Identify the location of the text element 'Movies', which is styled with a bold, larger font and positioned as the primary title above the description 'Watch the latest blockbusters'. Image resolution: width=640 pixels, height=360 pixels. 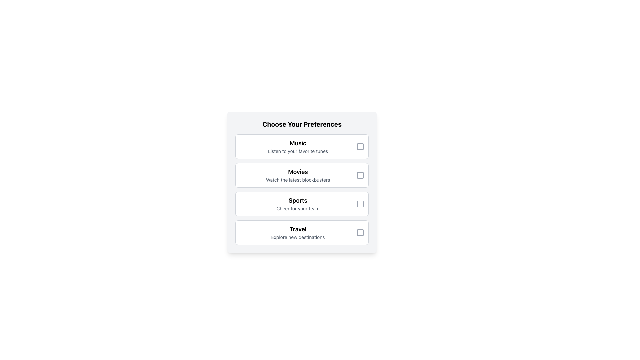
(297, 172).